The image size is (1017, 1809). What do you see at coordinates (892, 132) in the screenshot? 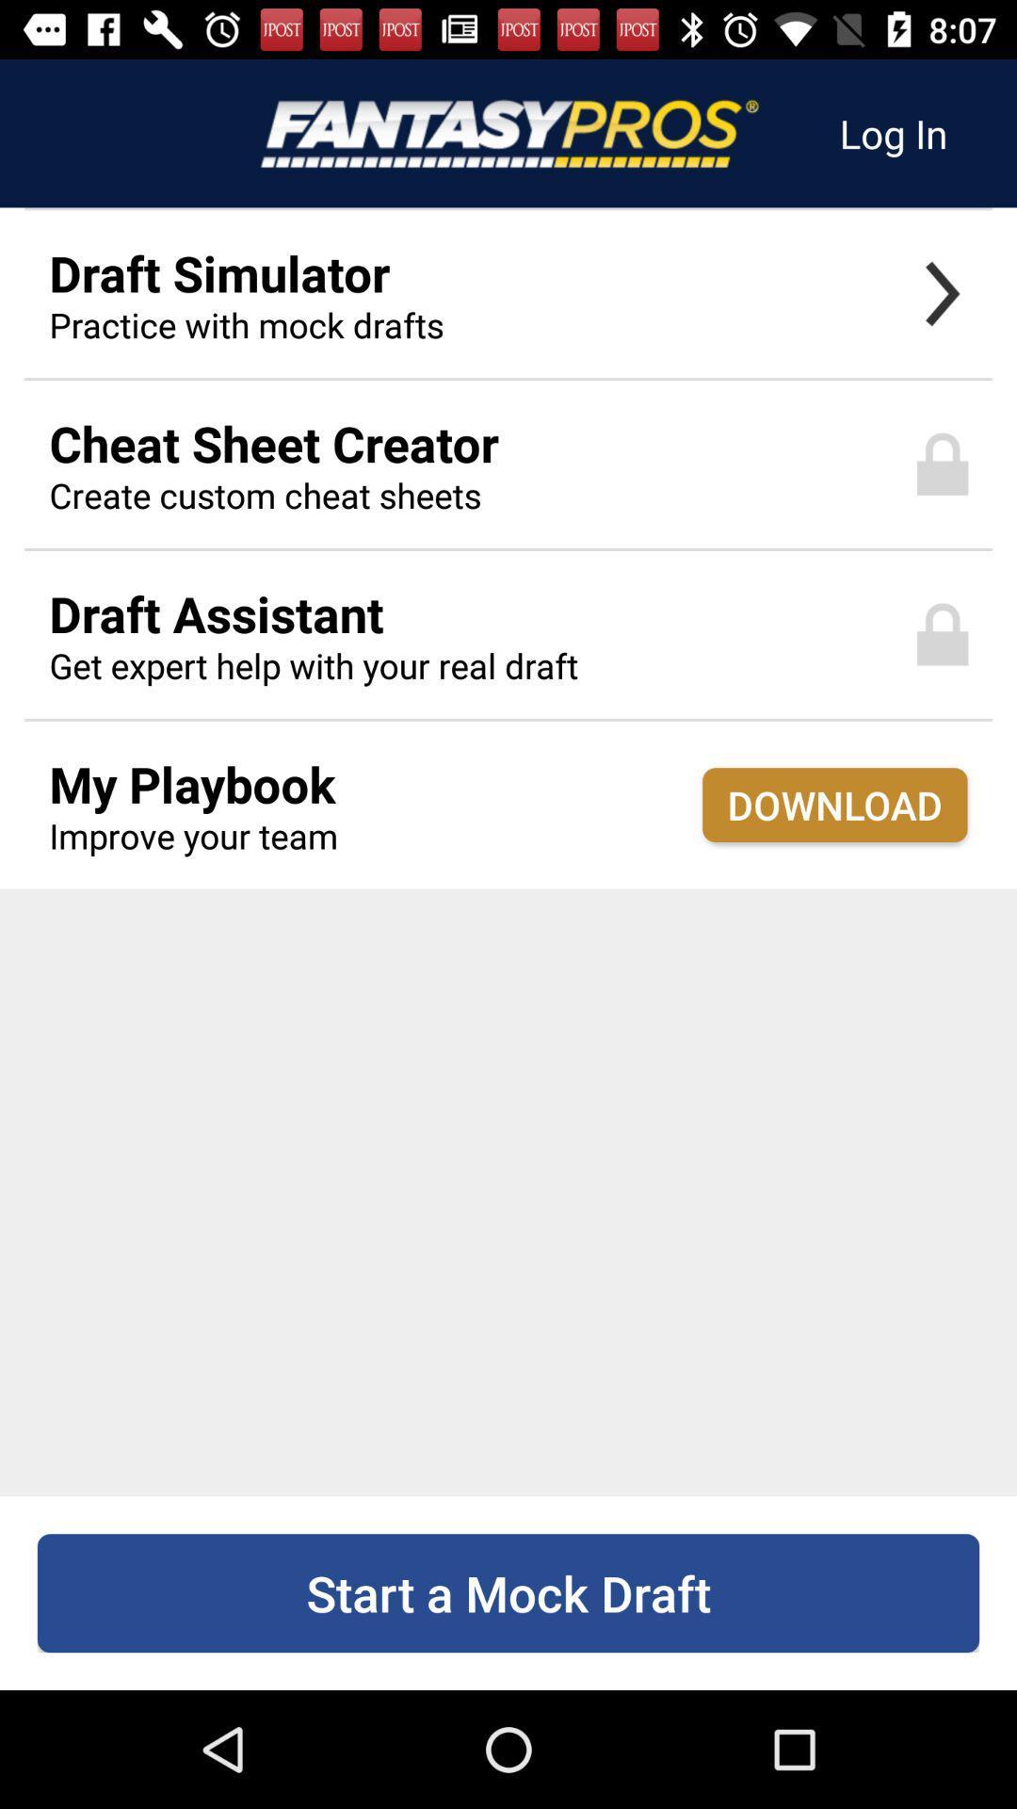
I see `log in` at bounding box center [892, 132].